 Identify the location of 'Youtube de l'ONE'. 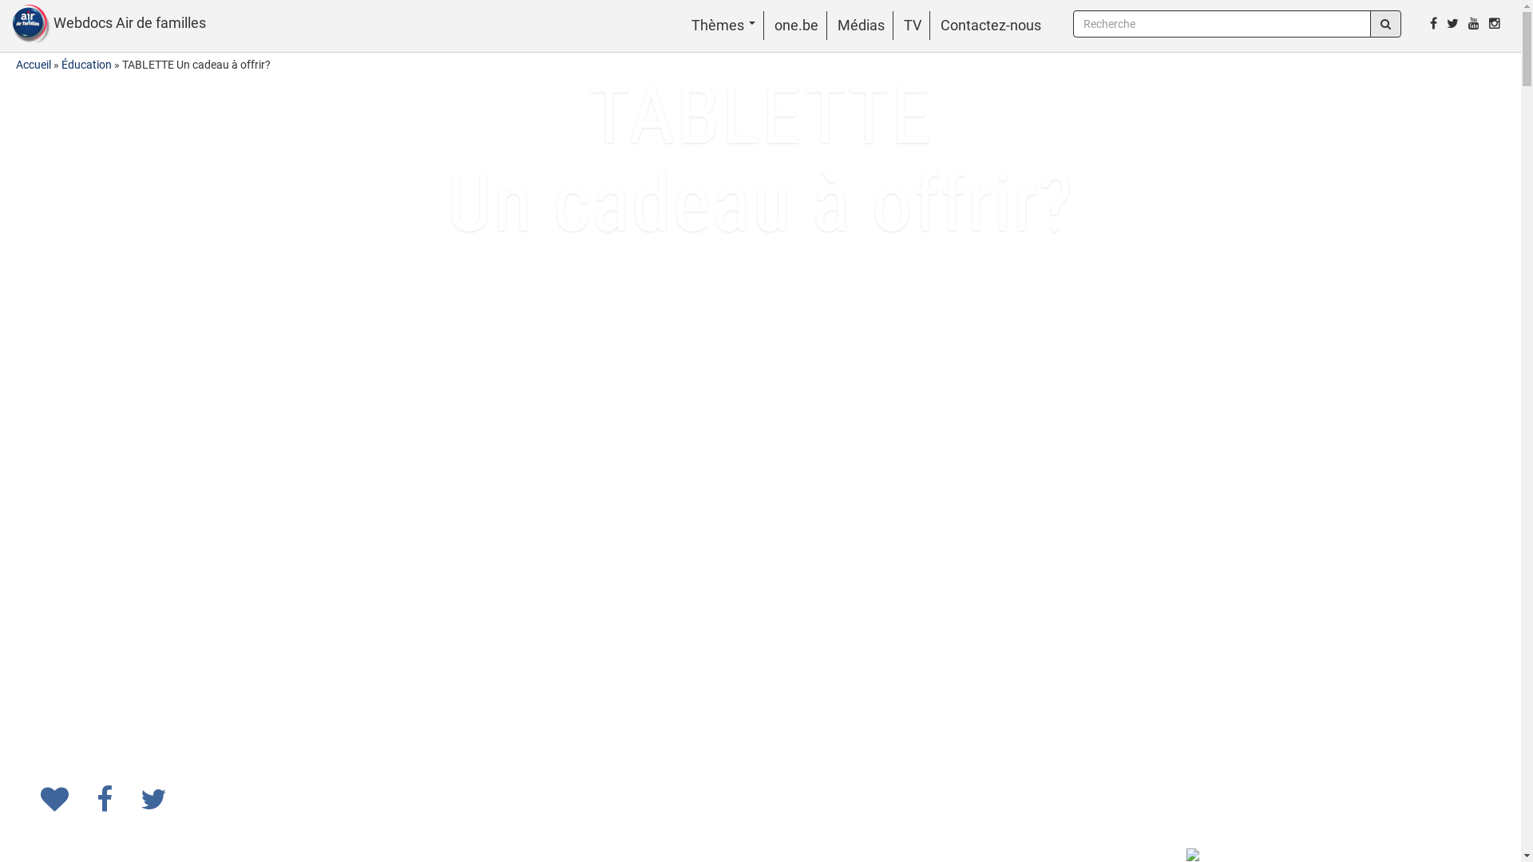
(1464, 23).